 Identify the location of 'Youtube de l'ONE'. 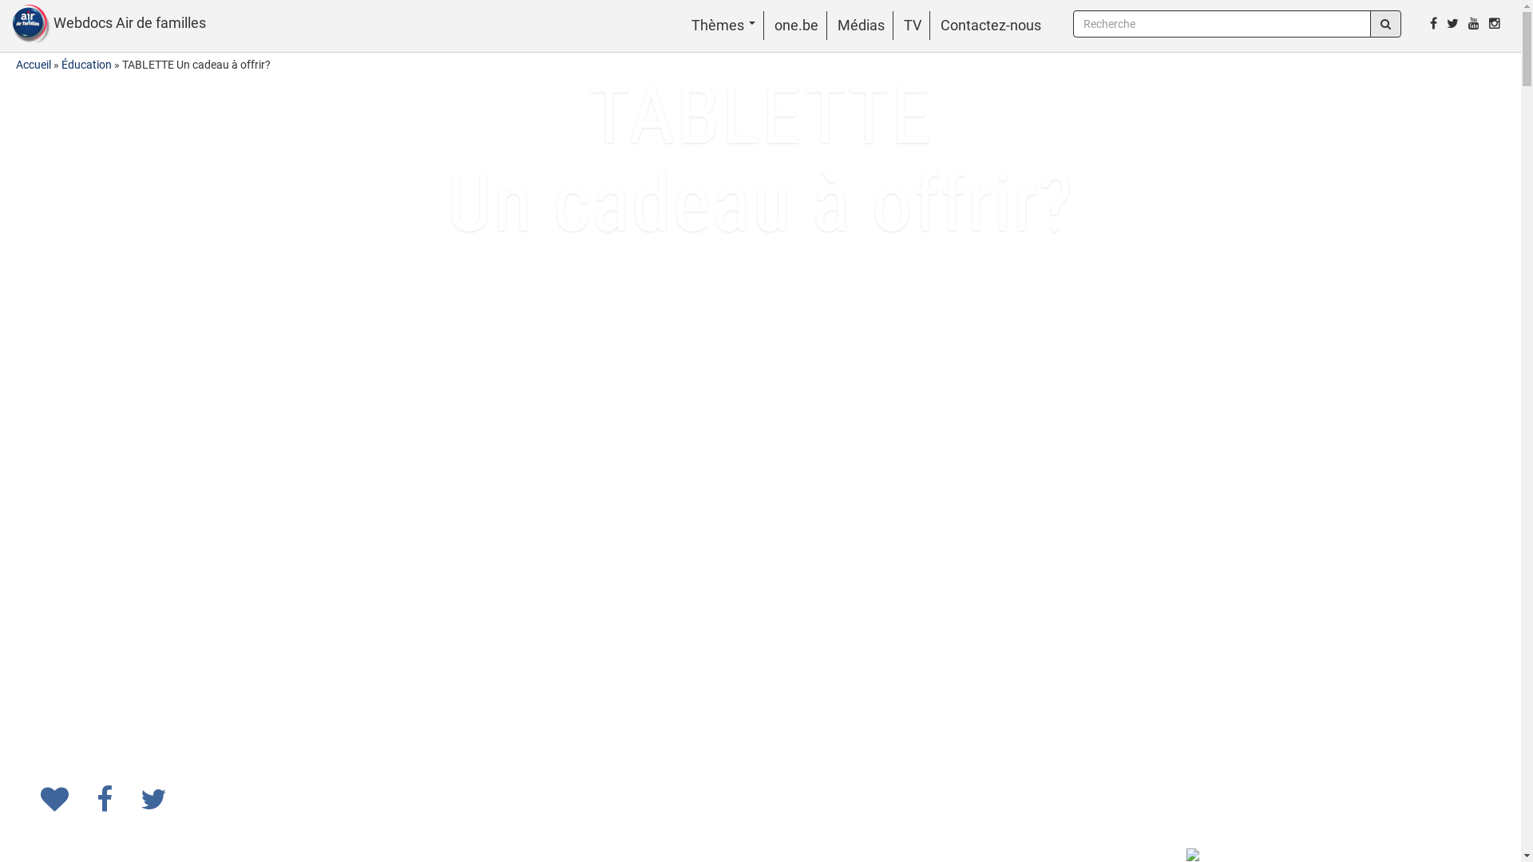
(1464, 23).